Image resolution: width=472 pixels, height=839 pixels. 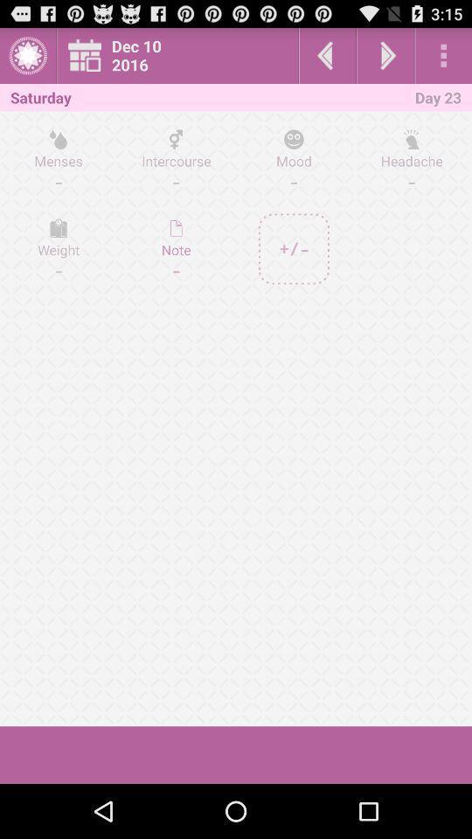 What do you see at coordinates (327, 59) in the screenshot?
I see `the arrow_backward icon` at bounding box center [327, 59].